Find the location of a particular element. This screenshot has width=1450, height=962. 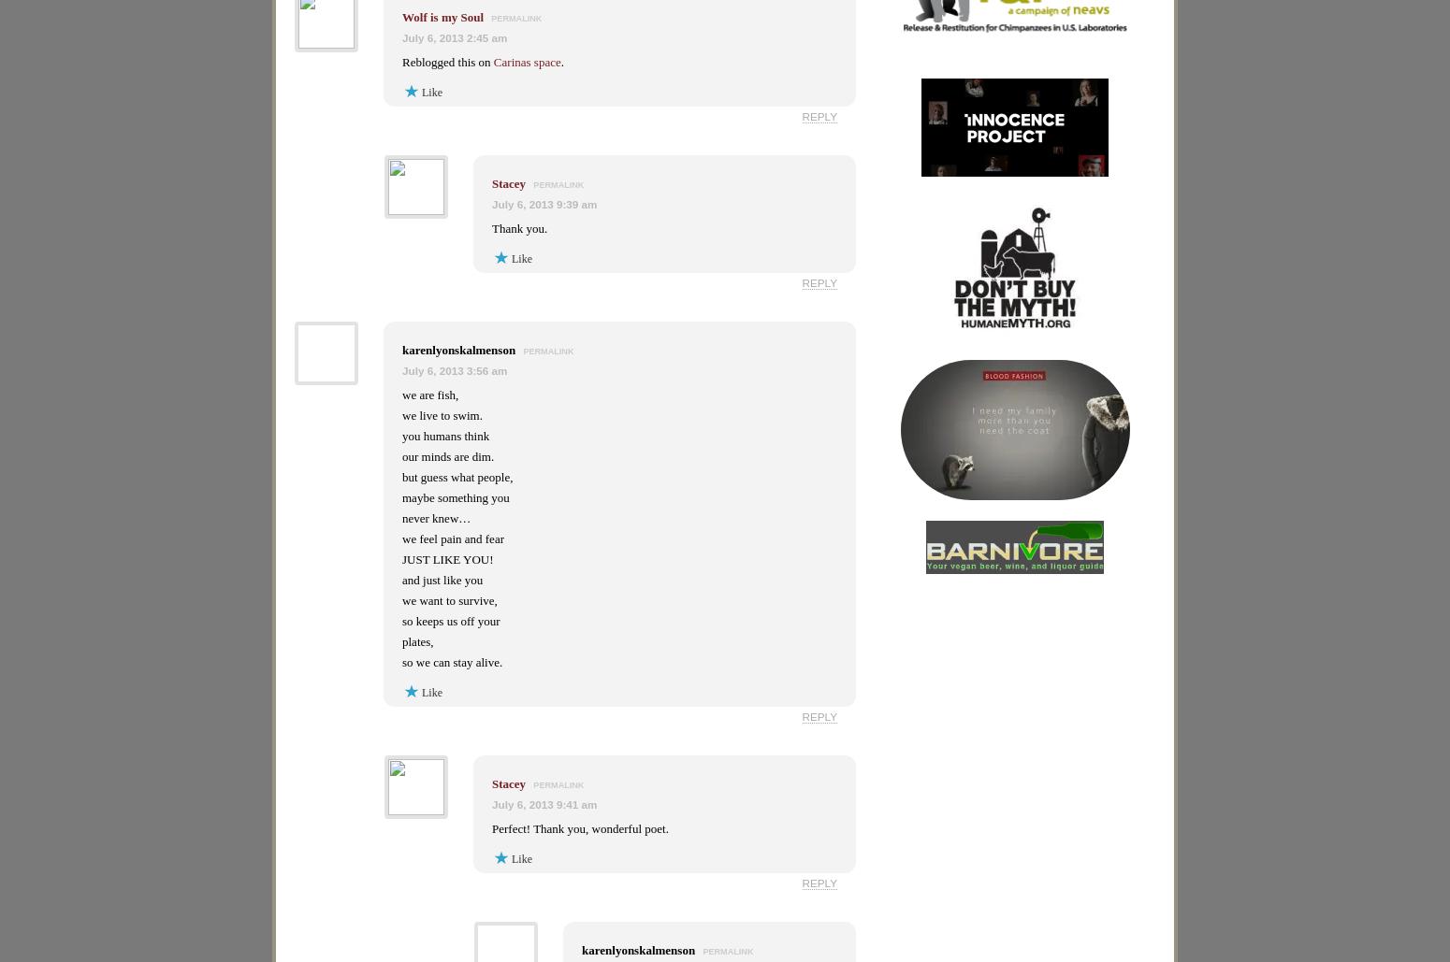

'Wolf is my Soul' is located at coordinates (442, 17).